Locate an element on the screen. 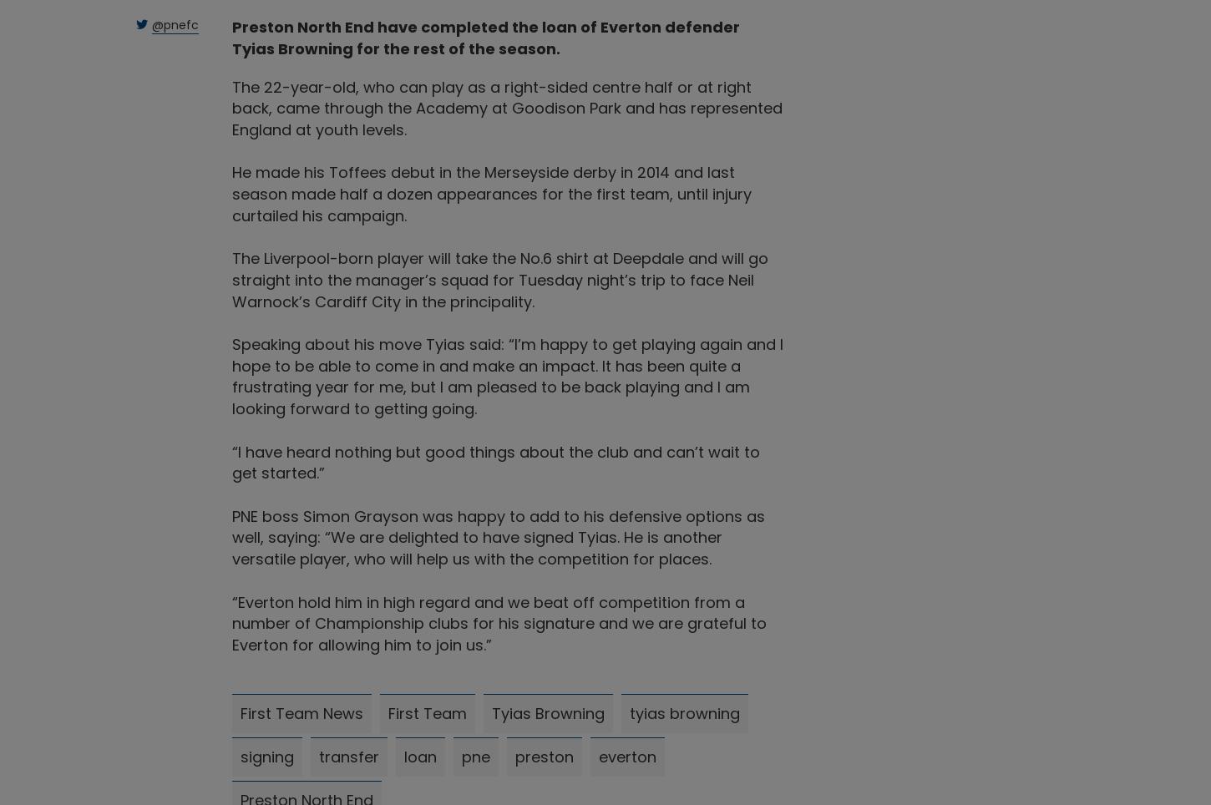 Image resolution: width=1211 pixels, height=805 pixels. 'signing' is located at coordinates (267, 756).